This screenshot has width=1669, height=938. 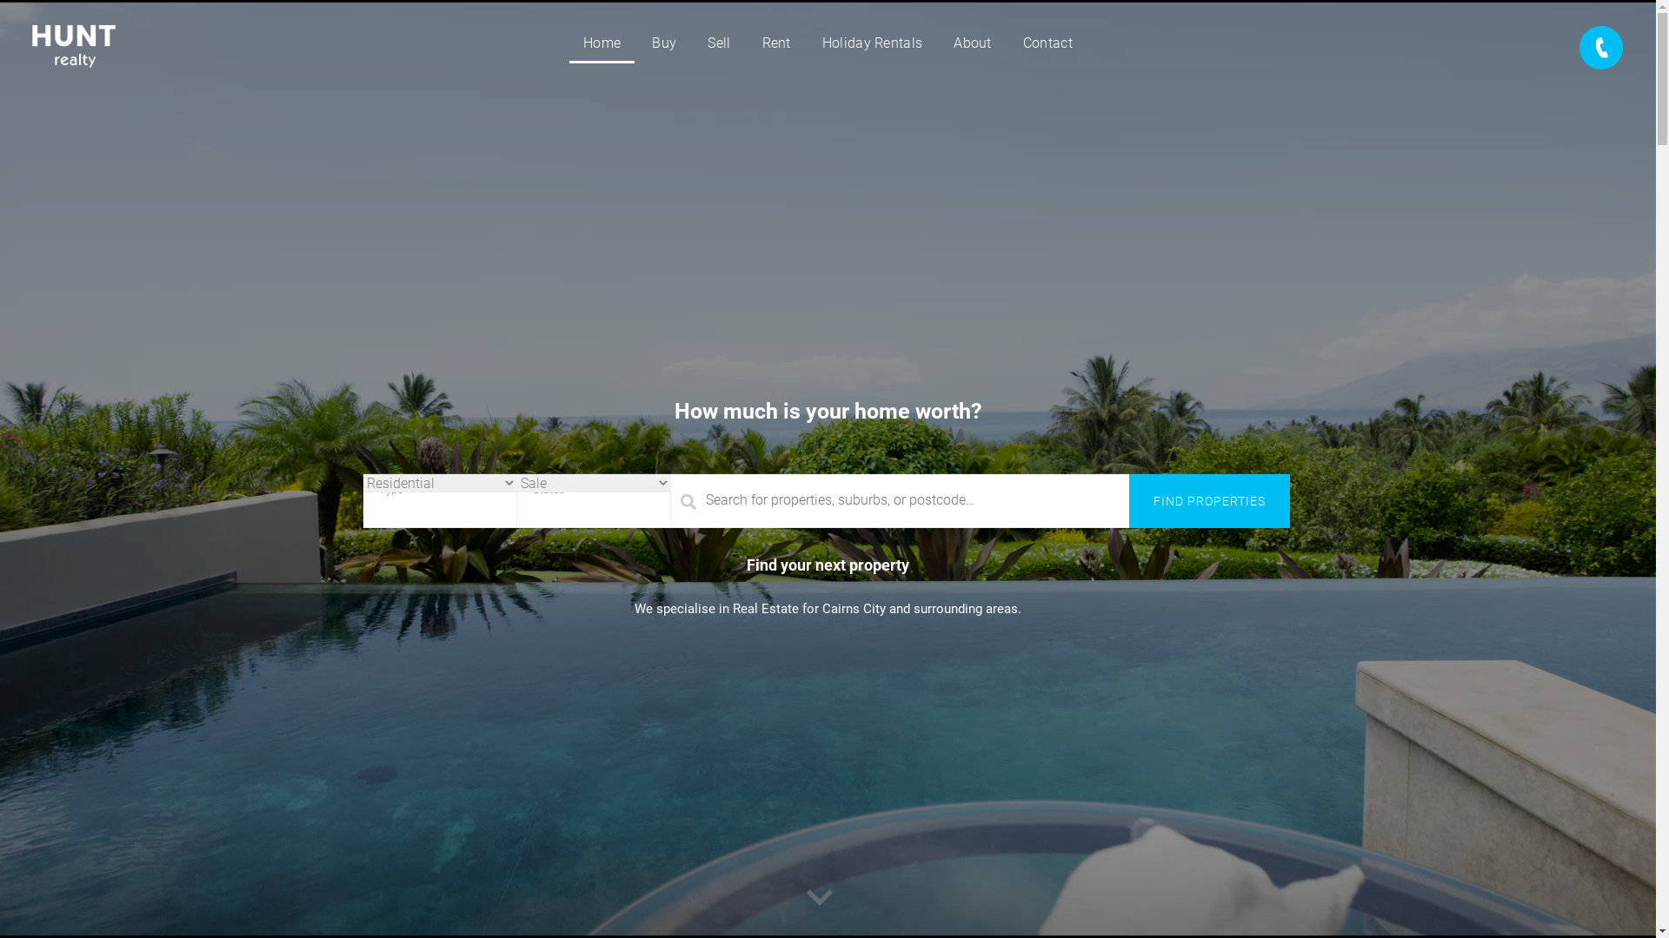 I want to click on 'Sell', so click(x=718, y=43).